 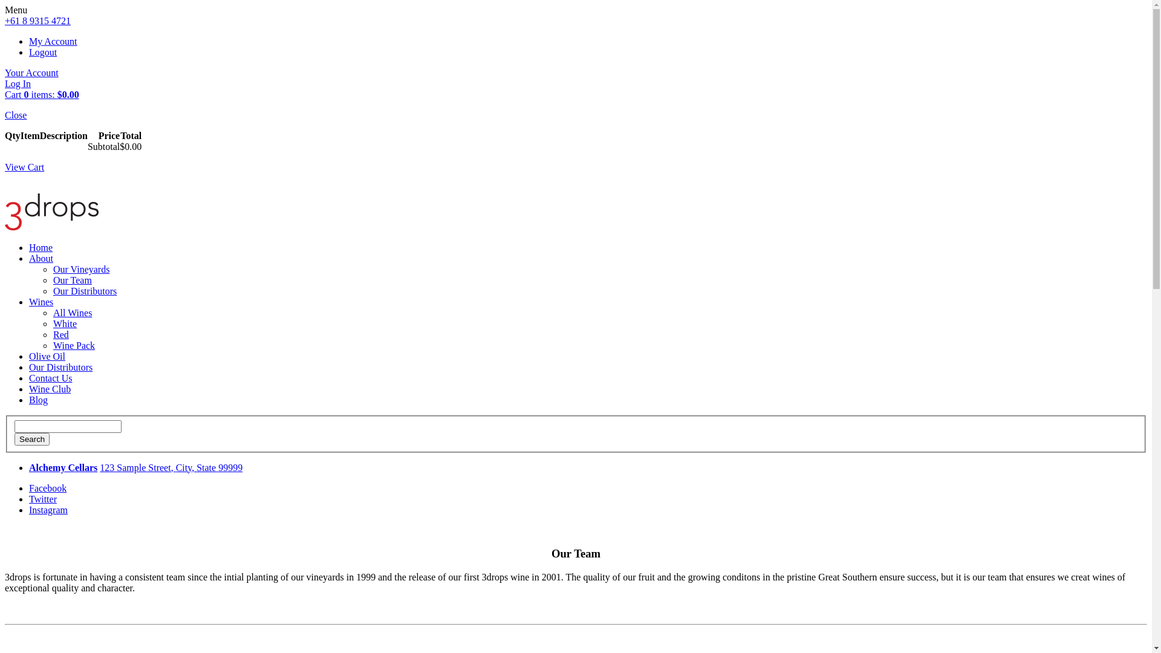 What do you see at coordinates (18, 83) in the screenshot?
I see `'Log In'` at bounding box center [18, 83].